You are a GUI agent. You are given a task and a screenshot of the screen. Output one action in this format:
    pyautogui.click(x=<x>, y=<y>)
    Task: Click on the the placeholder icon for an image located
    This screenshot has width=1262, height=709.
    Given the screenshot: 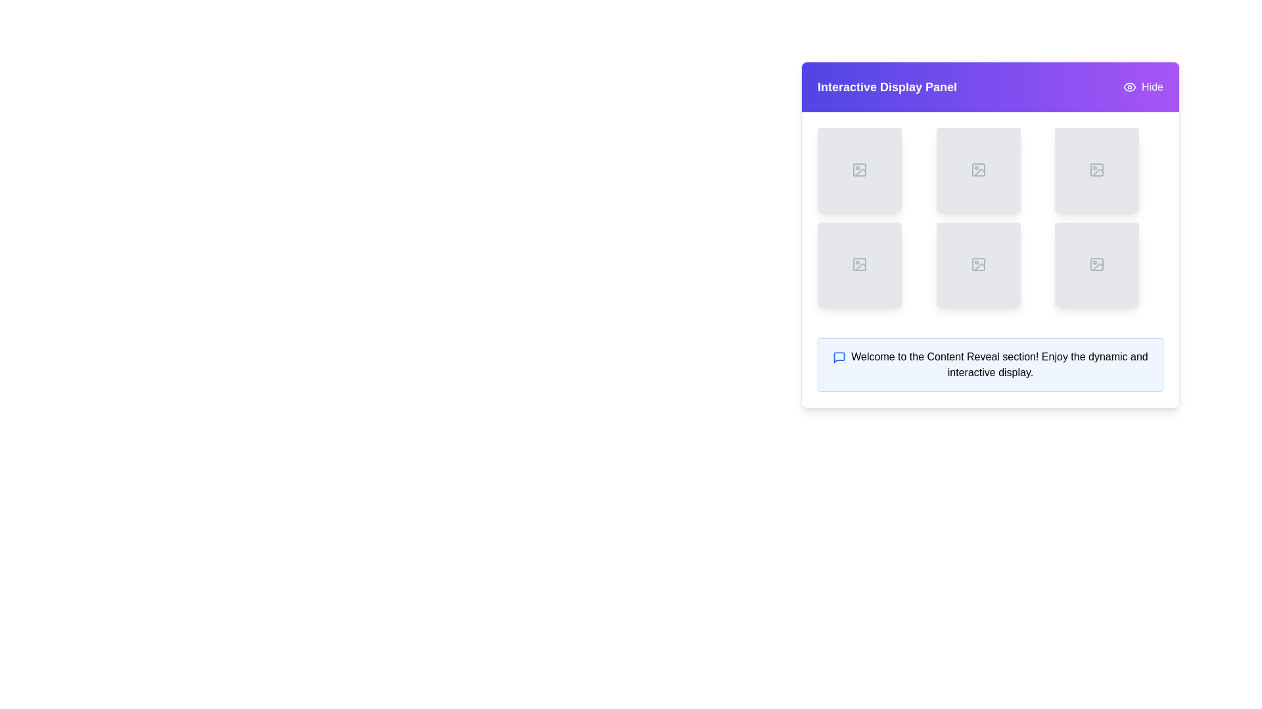 What is the action you would take?
    pyautogui.click(x=978, y=169)
    